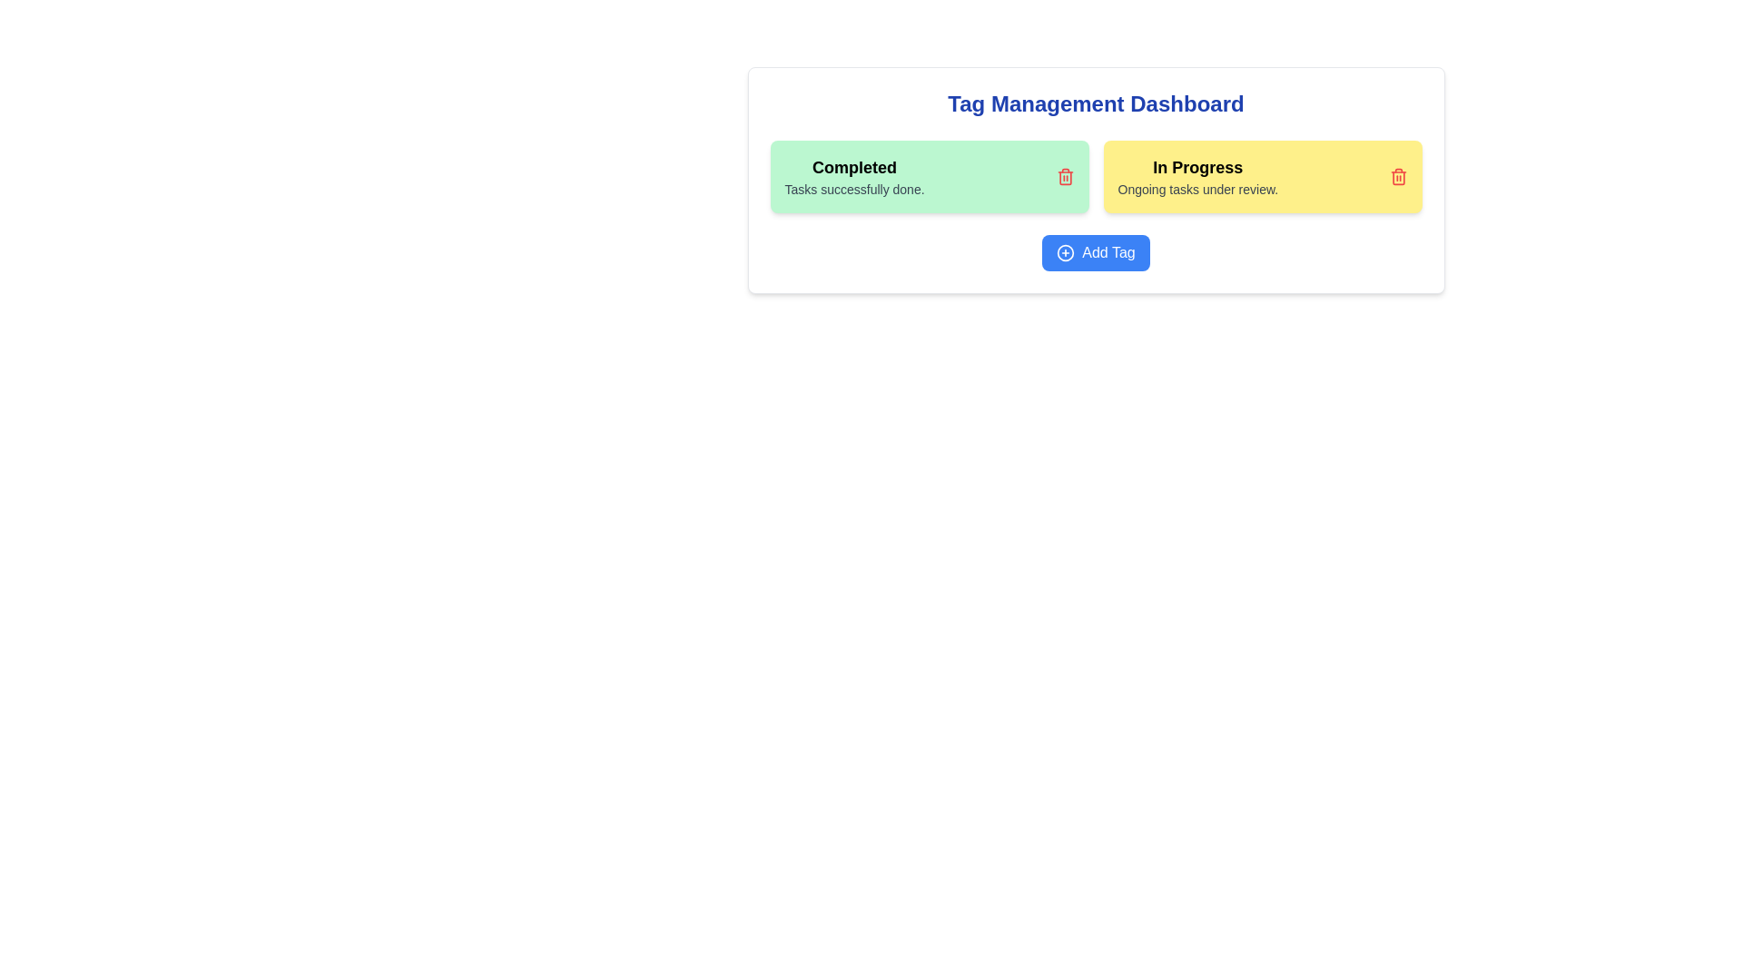 The image size is (1743, 980). What do you see at coordinates (1197, 189) in the screenshot?
I see `the static text label that reads 'Ongoing tasks under review.' located under the 'In Progress' heading within a yellow background pane` at bounding box center [1197, 189].